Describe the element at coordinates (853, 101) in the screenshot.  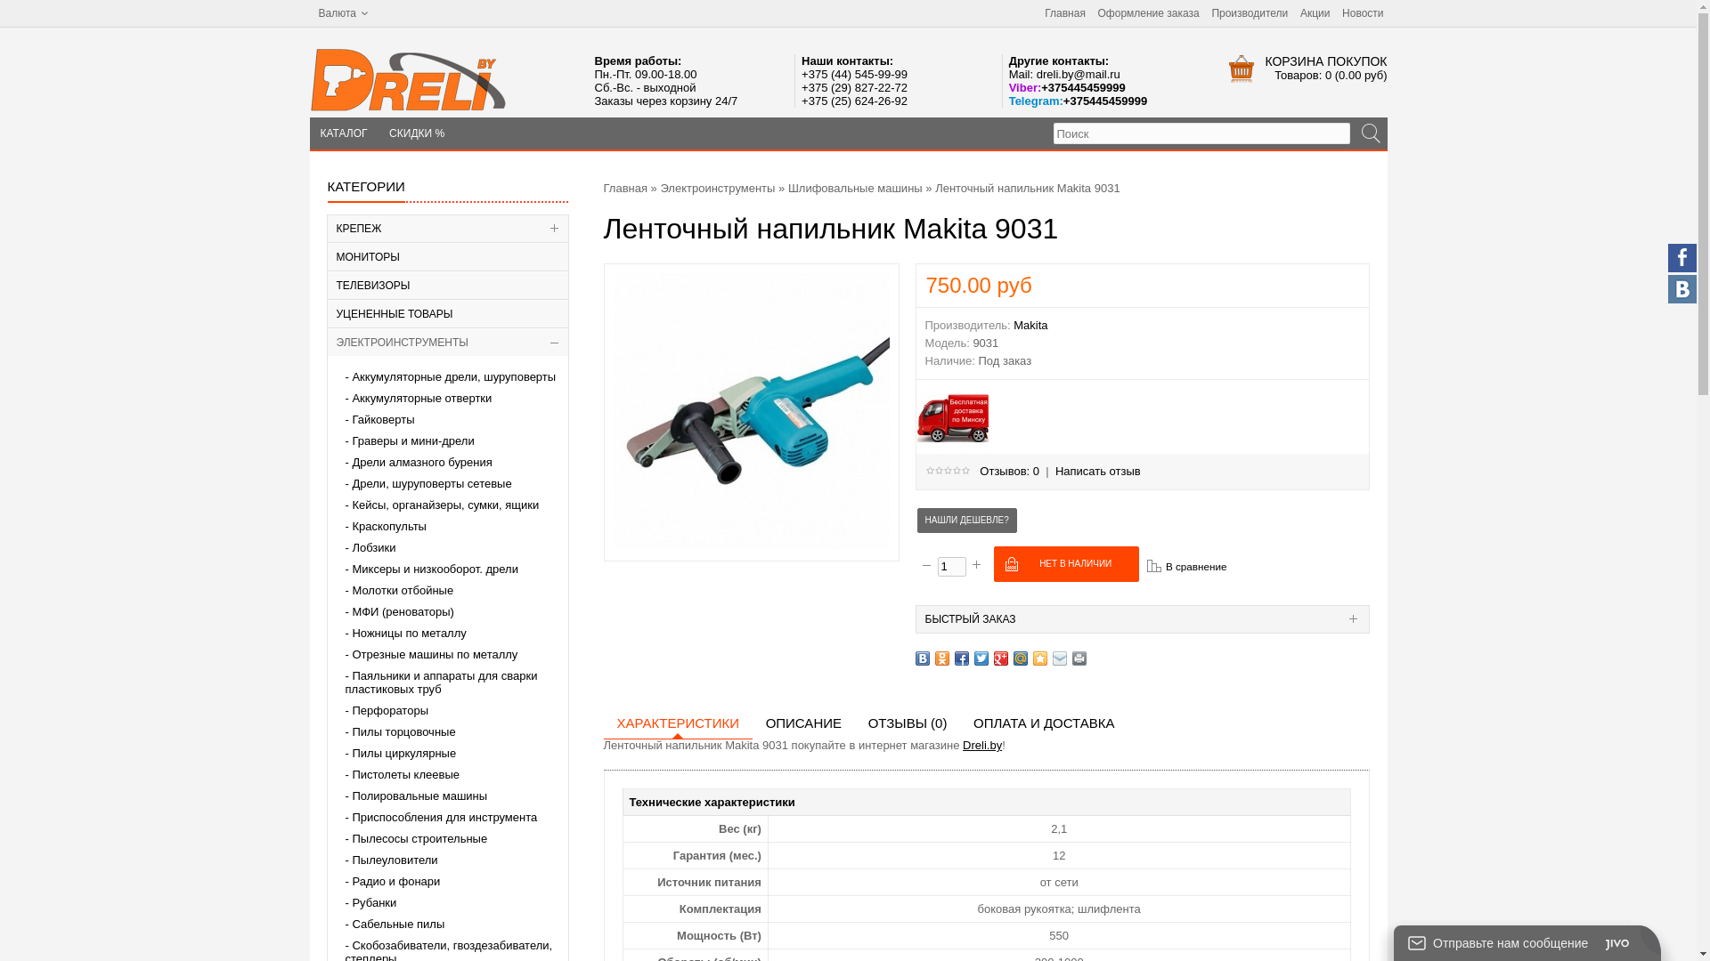
I see `'+375 (25) 624-26-92'` at that location.